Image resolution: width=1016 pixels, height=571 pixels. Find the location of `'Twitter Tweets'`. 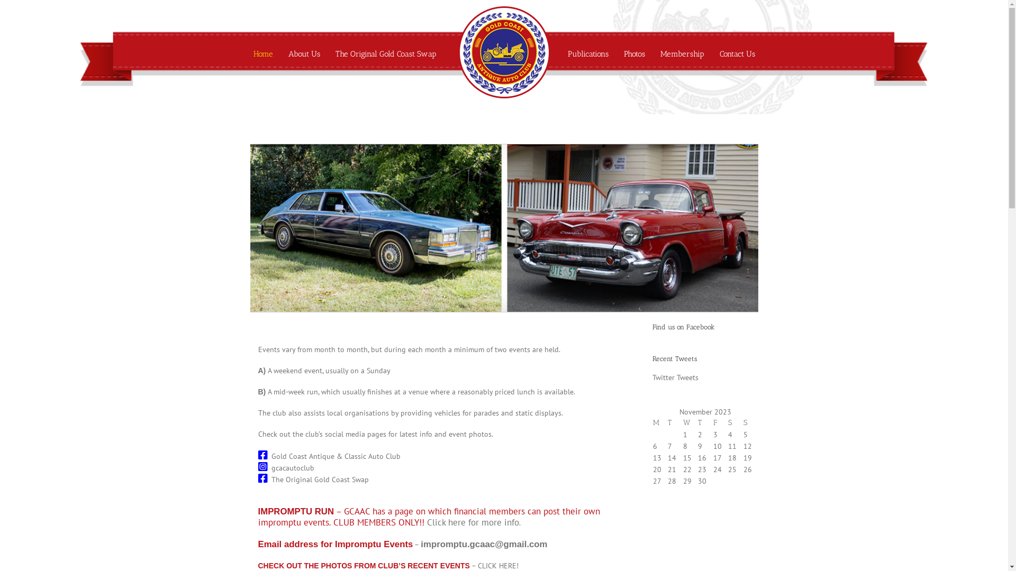

'Twitter Tweets' is located at coordinates (674, 376).